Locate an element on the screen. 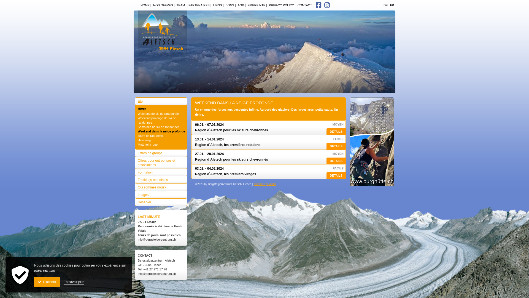 The image size is (529, 298). 'TEAM' is located at coordinates (180, 5).